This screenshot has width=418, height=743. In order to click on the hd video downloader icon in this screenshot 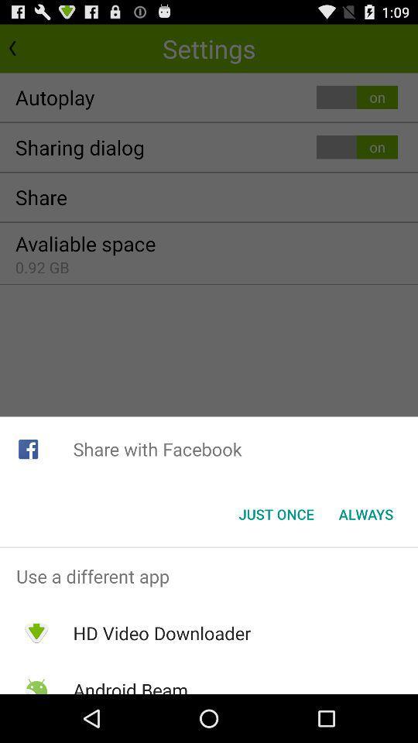, I will do `click(161, 633)`.